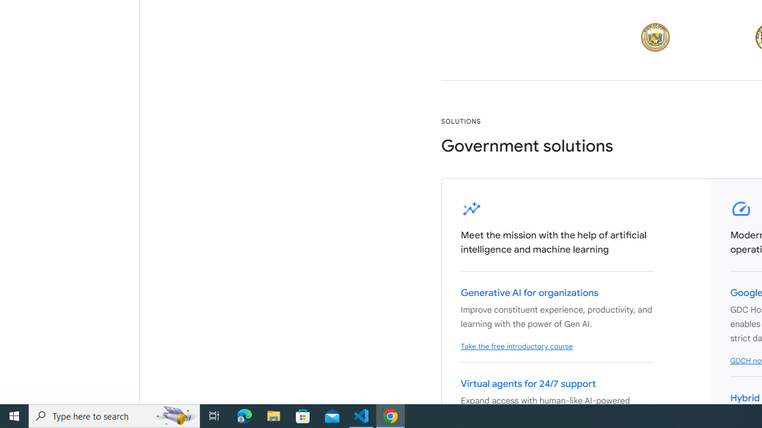  I want to click on 'State of Hawaii', so click(655, 37).